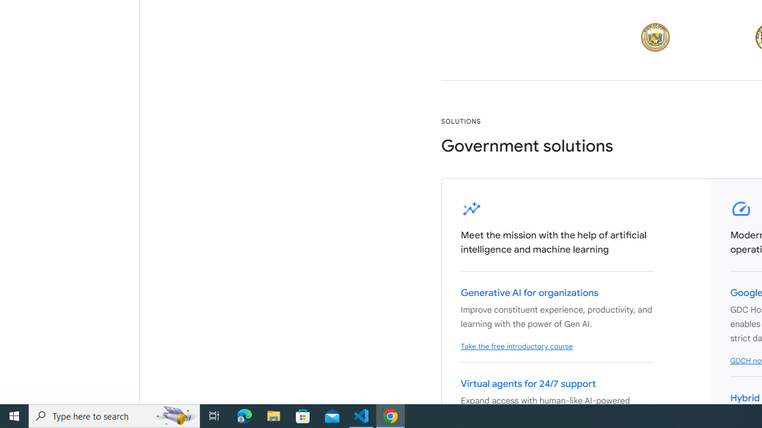  I want to click on 'State of Hawaii', so click(655, 37).